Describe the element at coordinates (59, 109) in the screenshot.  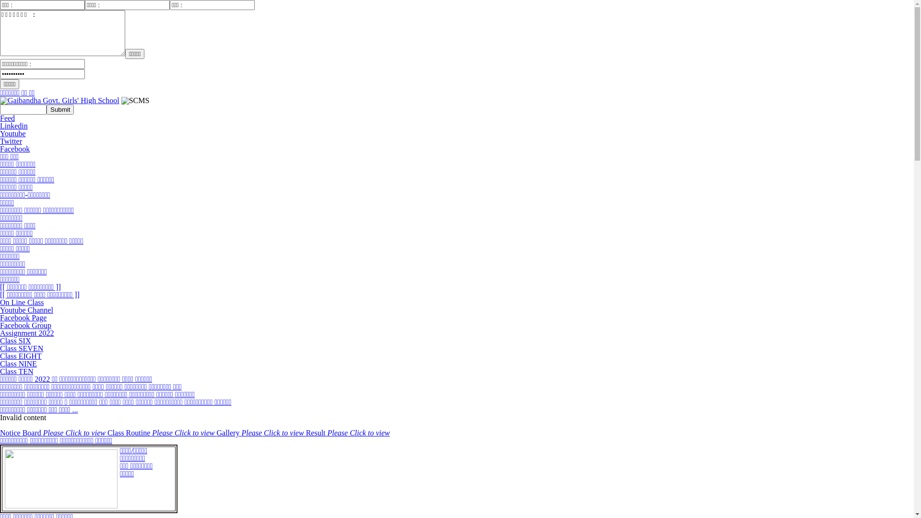
I see `'Submit'` at that location.